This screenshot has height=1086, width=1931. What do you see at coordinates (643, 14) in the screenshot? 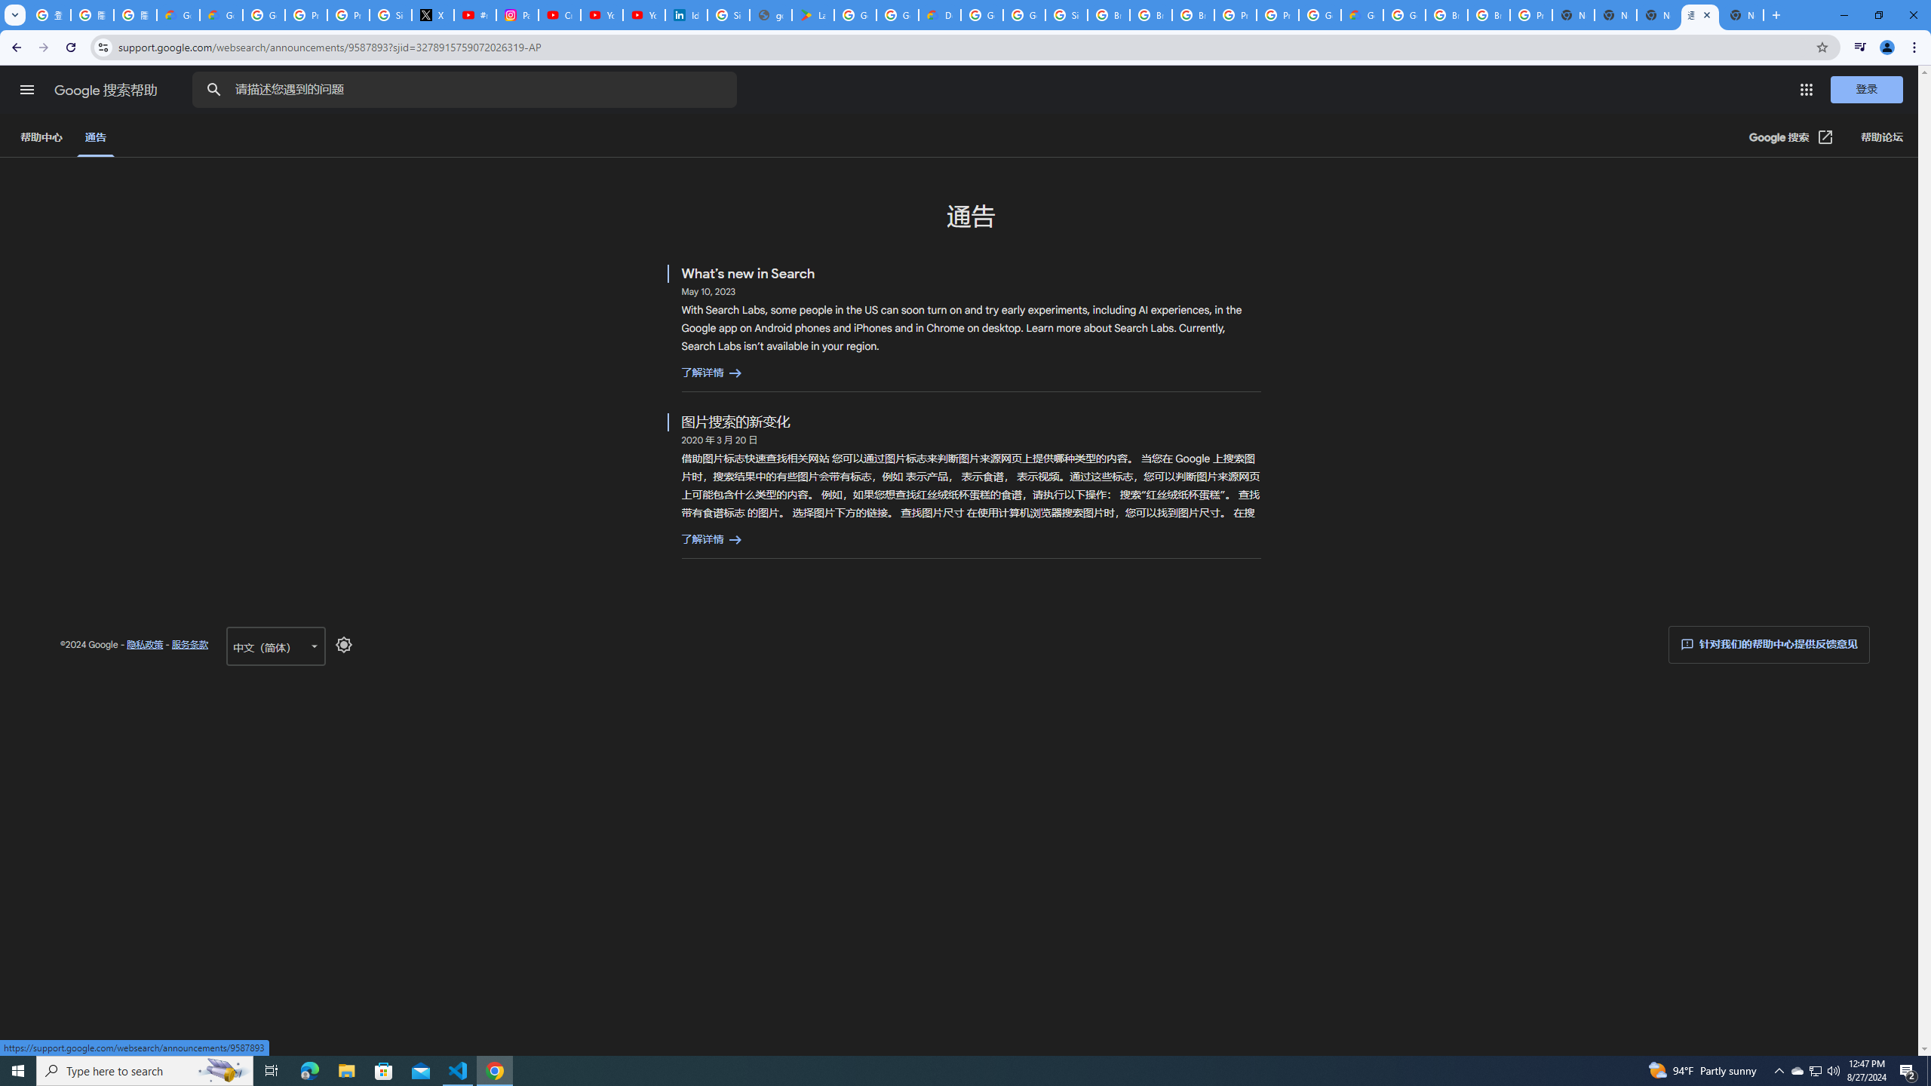
I see `'YouTube Culture & Trends - YouTube Top 10, 2021'` at bounding box center [643, 14].